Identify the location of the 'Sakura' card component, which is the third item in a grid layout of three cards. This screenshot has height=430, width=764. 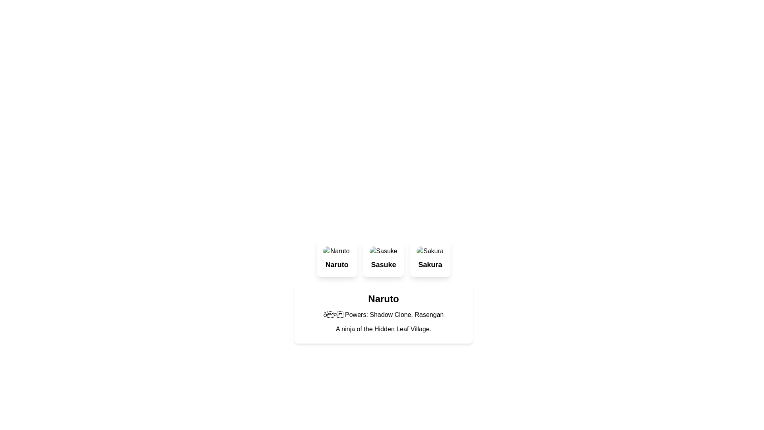
(430, 258).